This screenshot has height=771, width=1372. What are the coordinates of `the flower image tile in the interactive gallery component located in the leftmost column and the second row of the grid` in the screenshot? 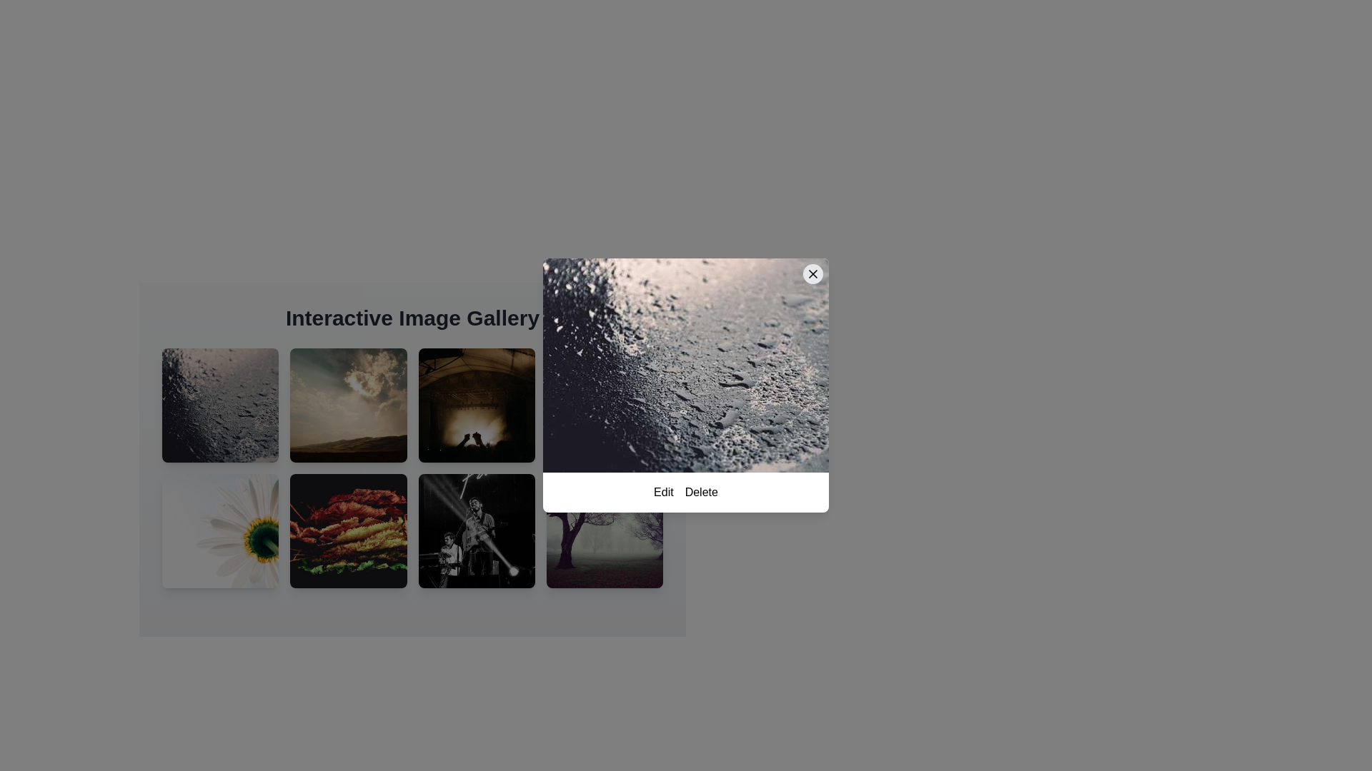 It's located at (219, 531).